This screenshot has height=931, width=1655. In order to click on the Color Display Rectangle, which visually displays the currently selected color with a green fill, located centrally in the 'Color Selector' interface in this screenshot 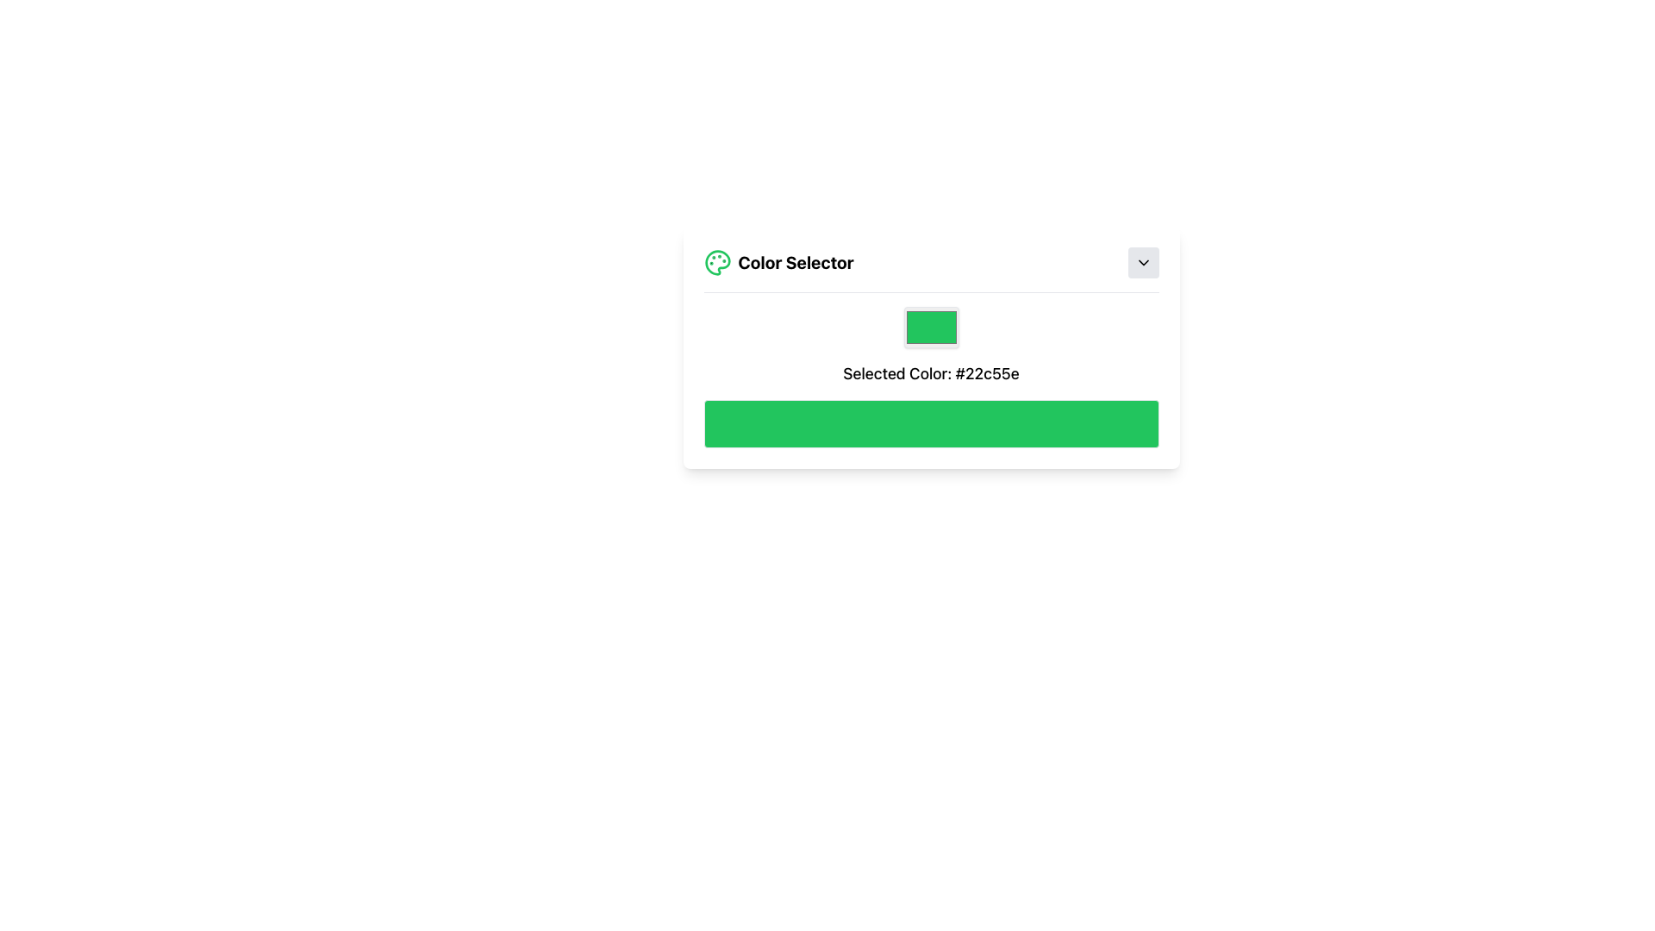, I will do `click(930, 347)`.